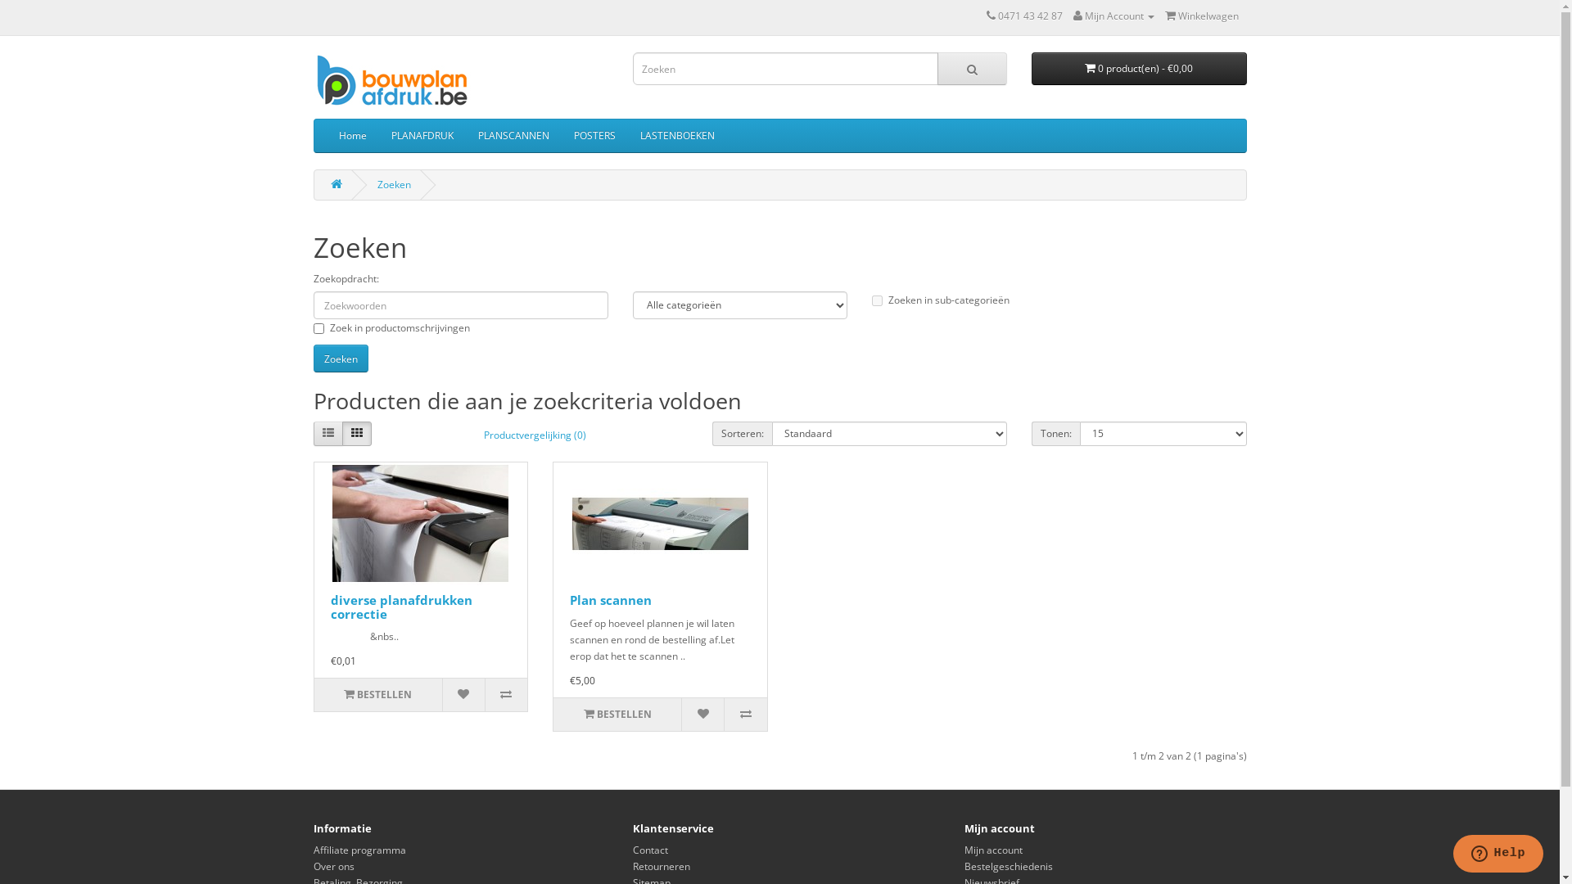  I want to click on 'Home', so click(351, 134).